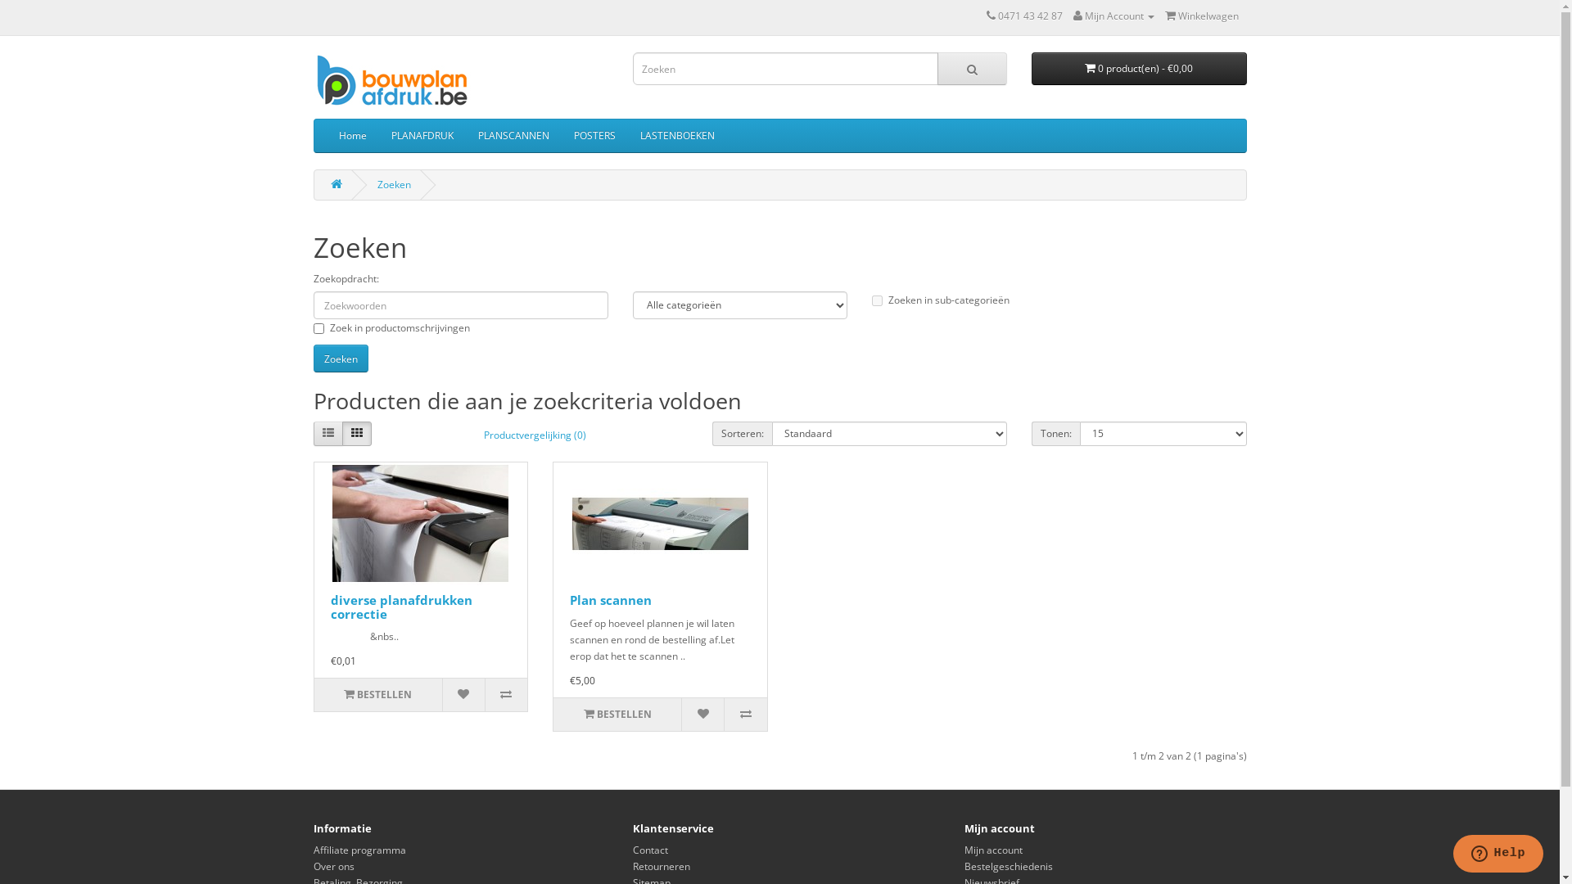  I want to click on 'Home', so click(351, 134).